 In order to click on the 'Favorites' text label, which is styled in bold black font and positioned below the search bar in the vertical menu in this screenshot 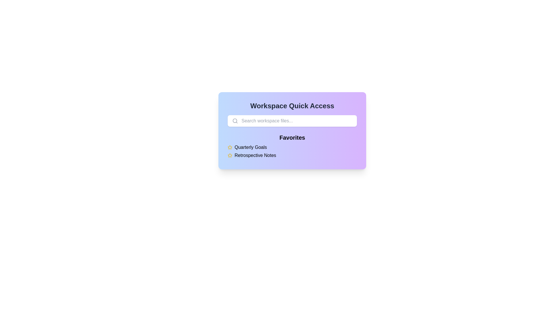, I will do `click(292, 138)`.